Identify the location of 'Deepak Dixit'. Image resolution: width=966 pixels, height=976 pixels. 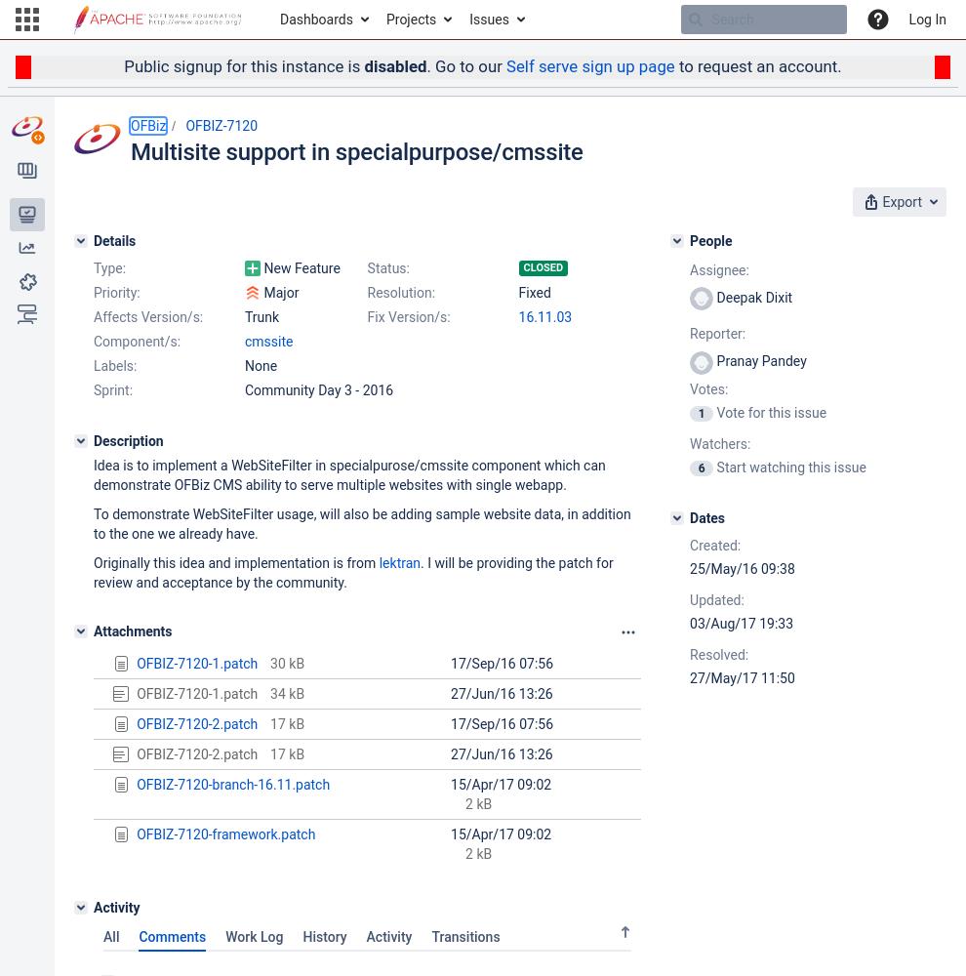
(752, 297).